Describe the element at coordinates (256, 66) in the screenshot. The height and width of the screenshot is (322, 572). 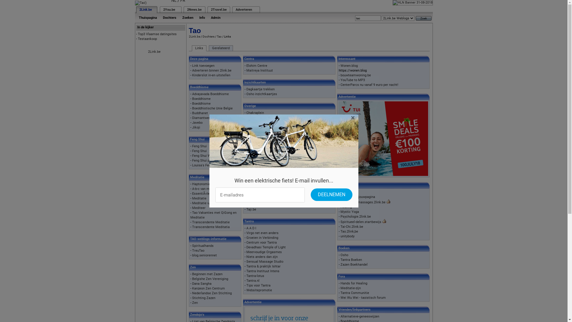
I see `'Elohim Centre'` at that location.